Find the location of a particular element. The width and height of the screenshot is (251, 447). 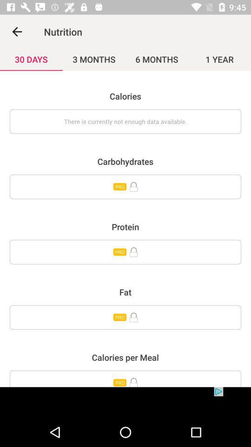

click the calories per meal is located at coordinates (125, 379).